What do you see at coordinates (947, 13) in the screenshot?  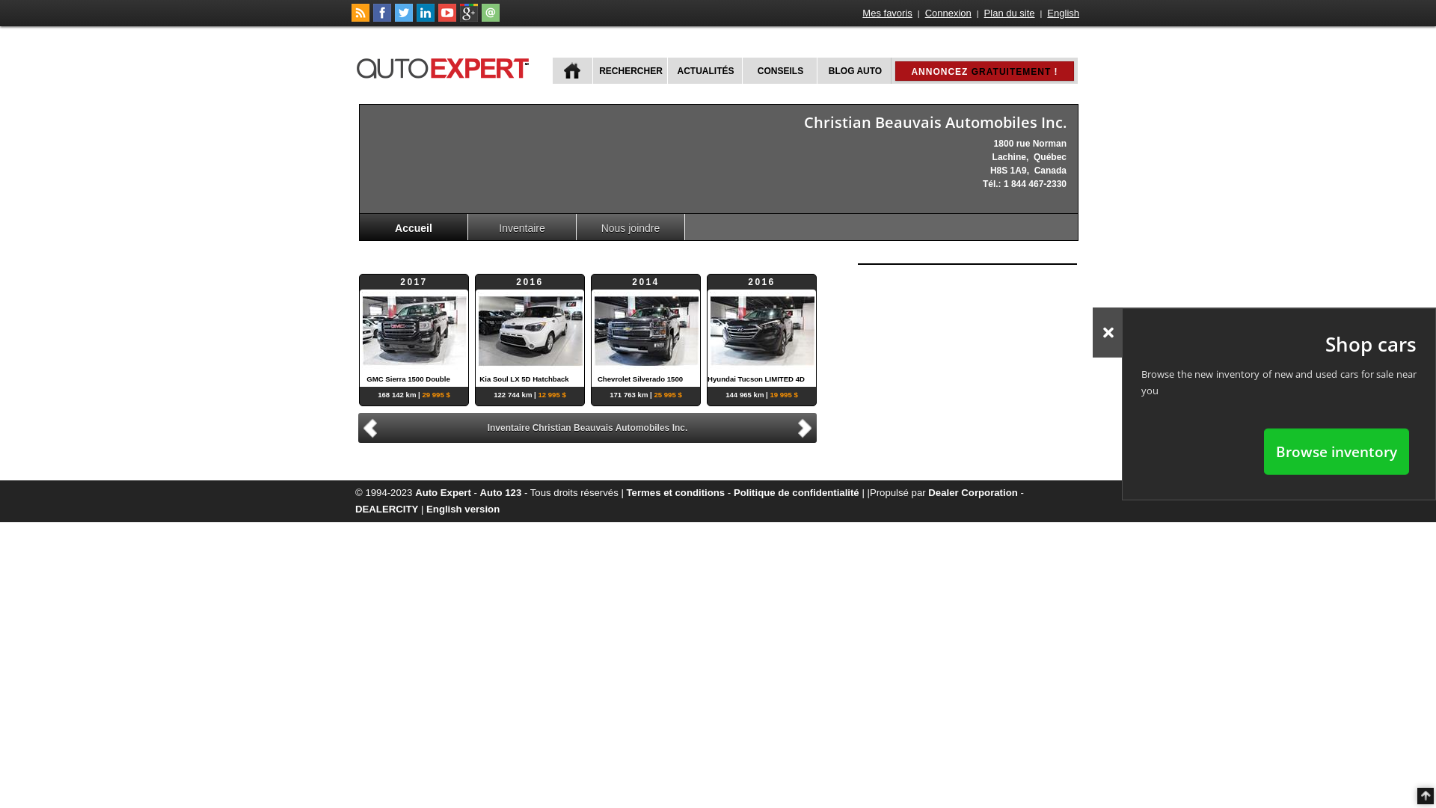 I see `'Connexion'` at bounding box center [947, 13].